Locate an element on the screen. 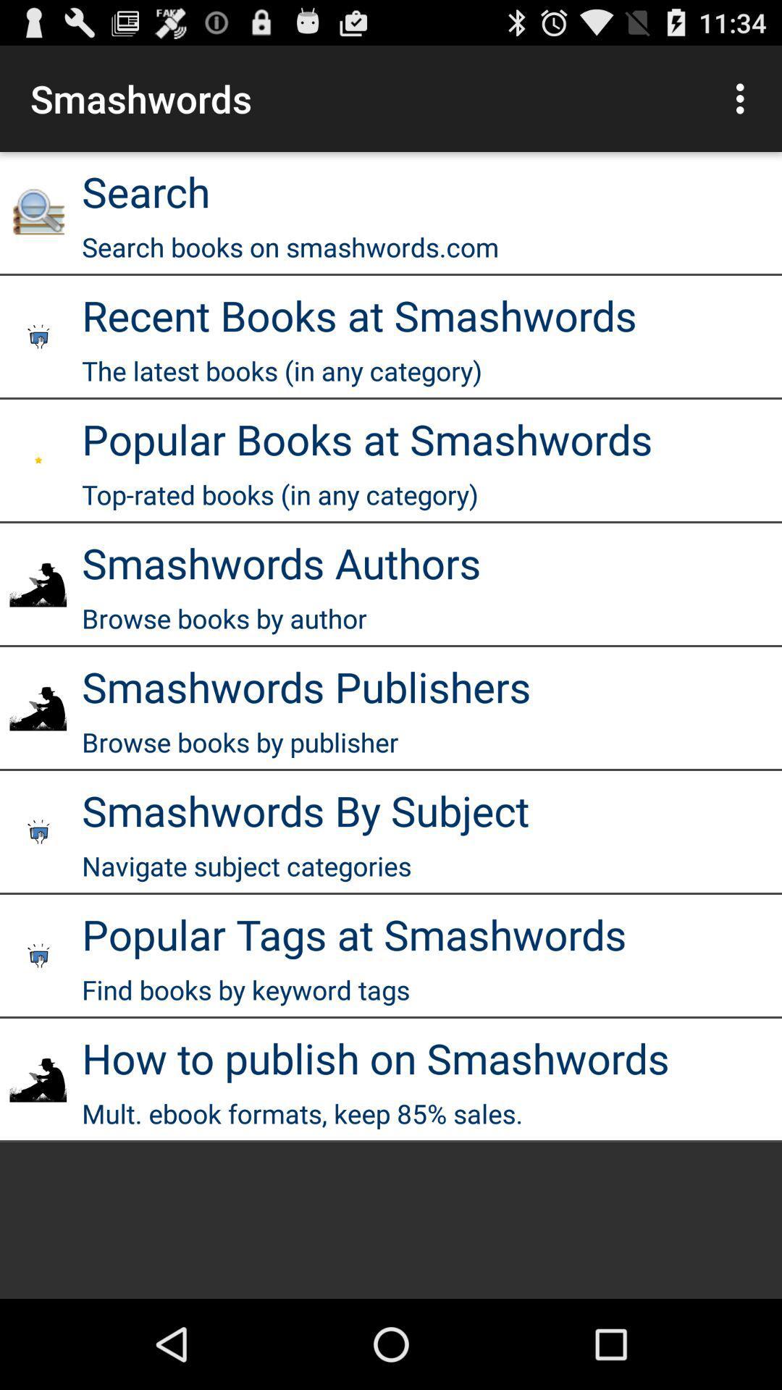 The image size is (782, 1390). smashwords publishers is located at coordinates (306, 686).